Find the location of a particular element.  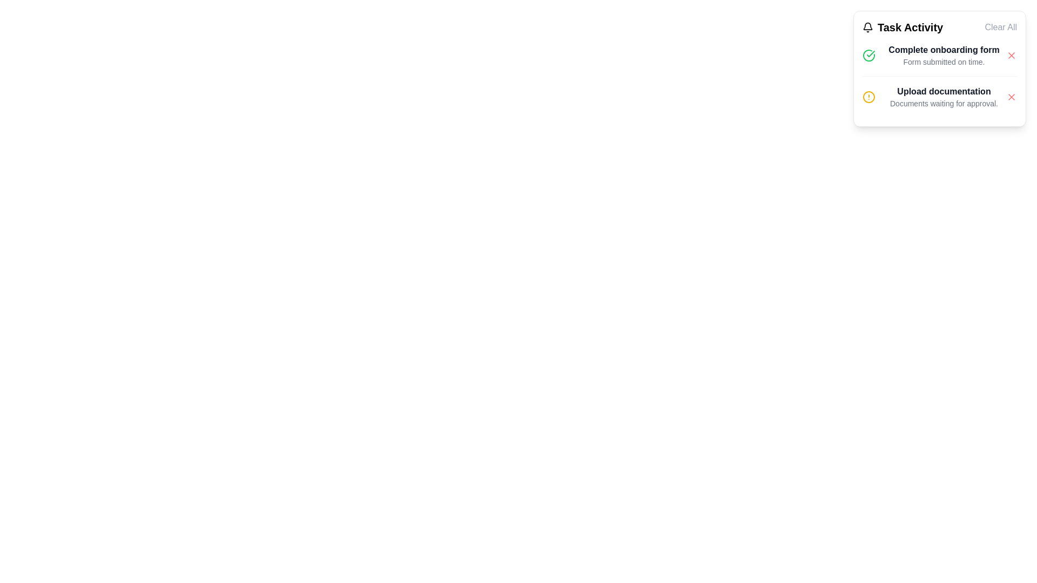

the second Task notification entry in the Task Activity panel, which contains a yellow alert icon and the text 'Upload documentation' is located at coordinates (939, 96).